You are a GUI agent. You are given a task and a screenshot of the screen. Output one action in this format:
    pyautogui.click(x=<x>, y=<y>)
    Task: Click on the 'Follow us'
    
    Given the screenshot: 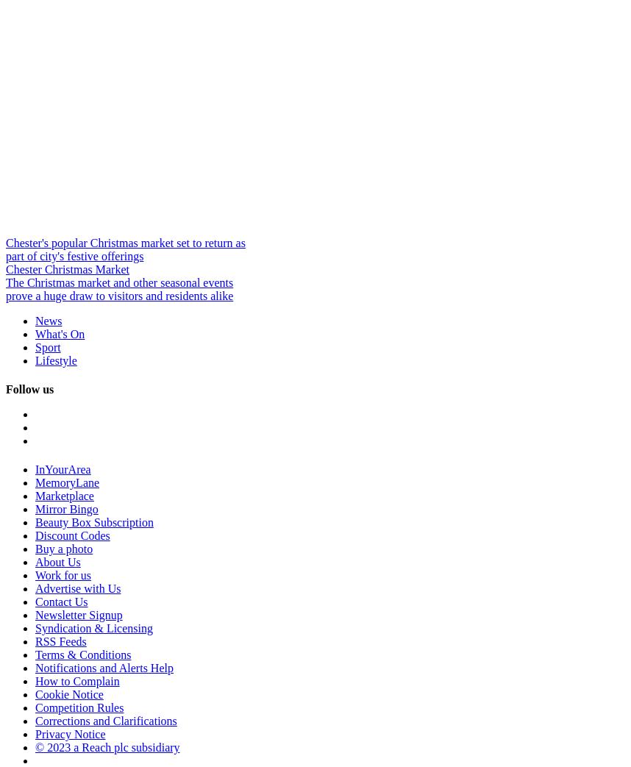 What is the action you would take?
    pyautogui.click(x=29, y=389)
    